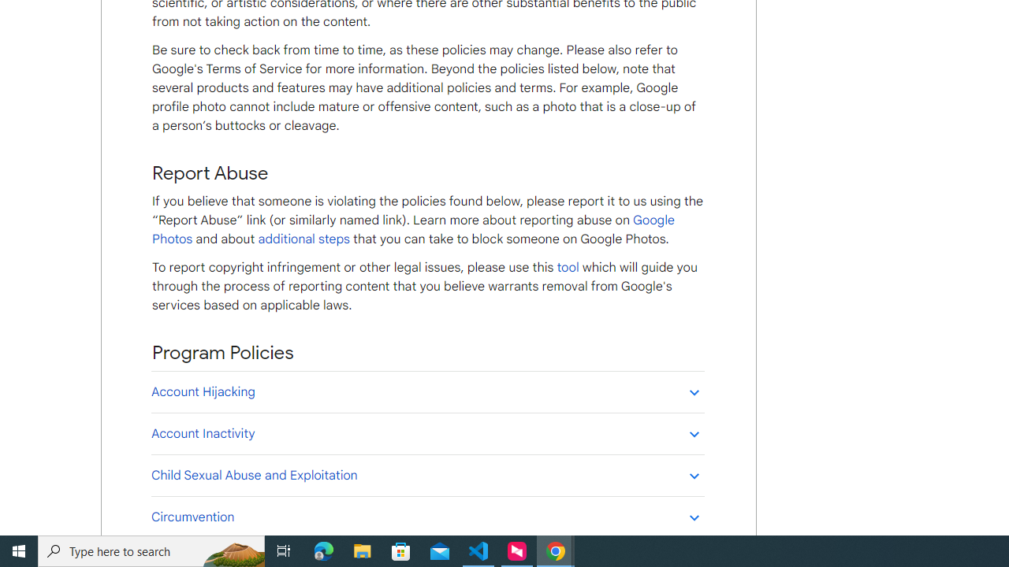 This screenshot has height=567, width=1009. What do you see at coordinates (427, 391) in the screenshot?
I see `'Account Hijacking'` at bounding box center [427, 391].